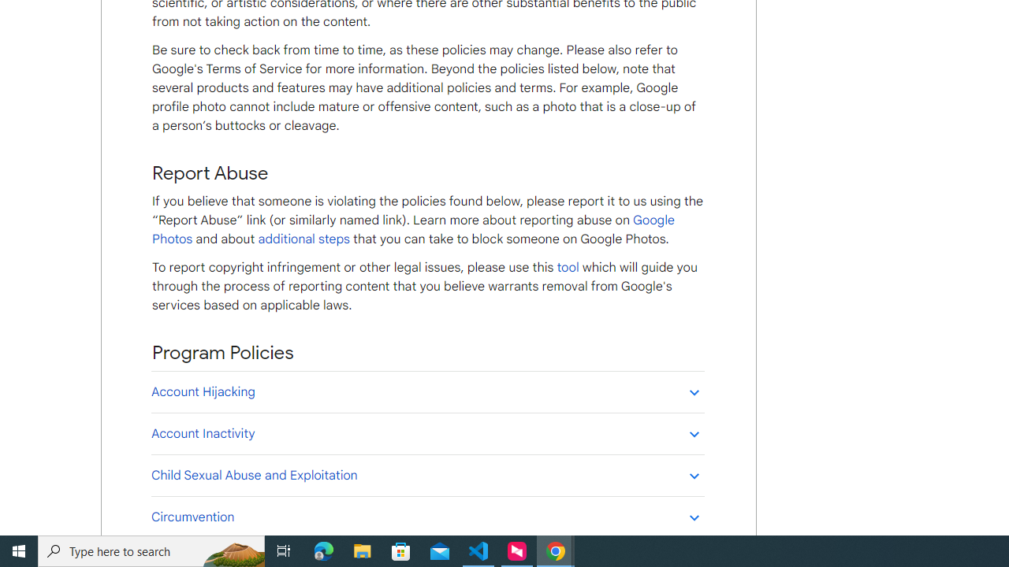 This screenshot has height=567, width=1009. What do you see at coordinates (427, 391) in the screenshot?
I see `'Account Hijacking'` at bounding box center [427, 391].